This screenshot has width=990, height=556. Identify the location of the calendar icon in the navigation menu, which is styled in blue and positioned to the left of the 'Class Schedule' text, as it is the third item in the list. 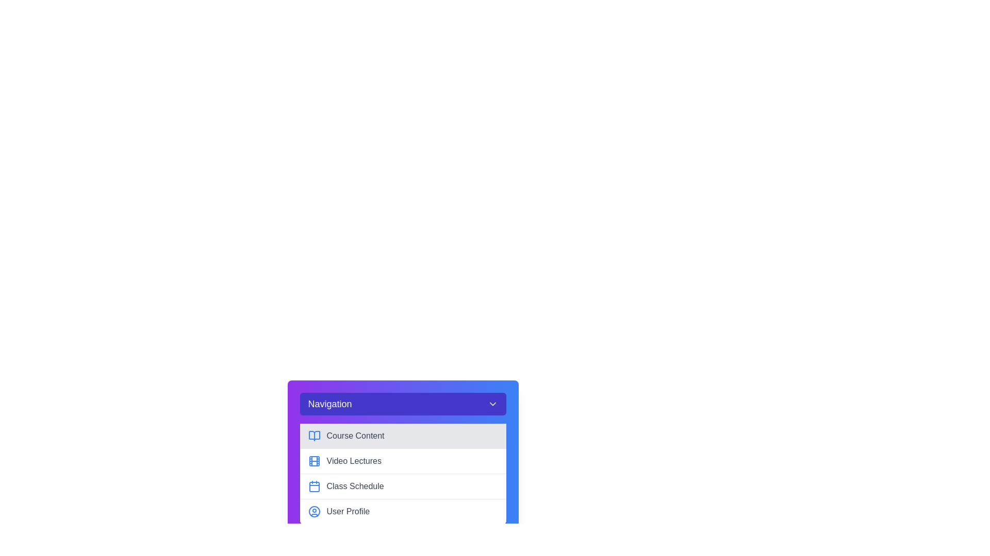
(313, 486).